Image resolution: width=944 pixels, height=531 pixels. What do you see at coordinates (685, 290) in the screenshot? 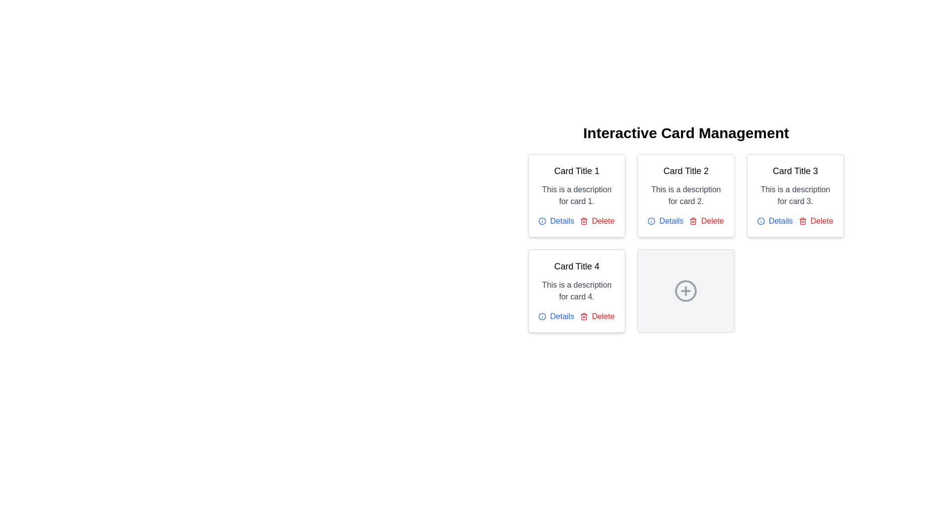
I see `the circular button with a gray 'plus' symbol inside a circle, located in the bottom-right corner of the grid layout, below 'Card Title 4', to change its color to blue` at bounding box center [685, 290].